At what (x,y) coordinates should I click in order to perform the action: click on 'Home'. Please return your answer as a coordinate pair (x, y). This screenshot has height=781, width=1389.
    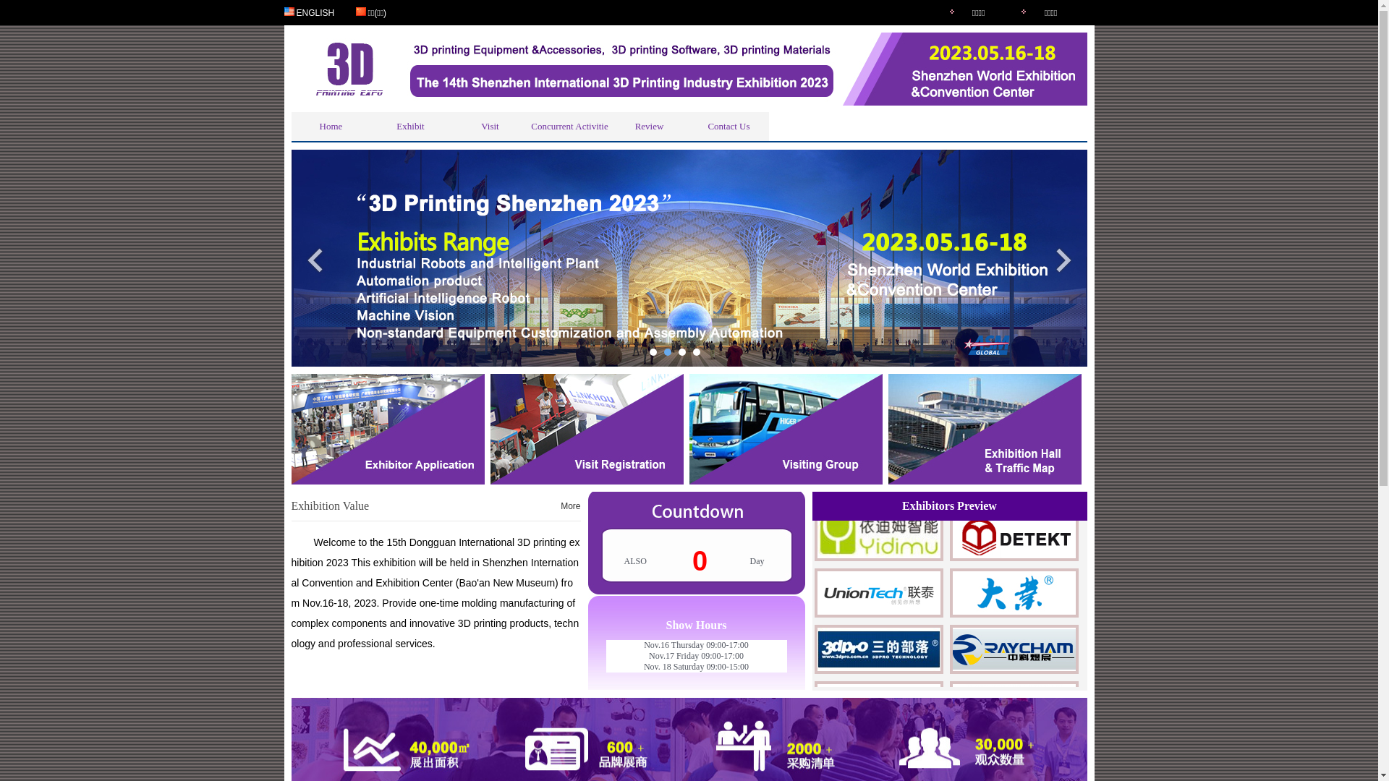
    Looking at the image, I should click on (329, 125).